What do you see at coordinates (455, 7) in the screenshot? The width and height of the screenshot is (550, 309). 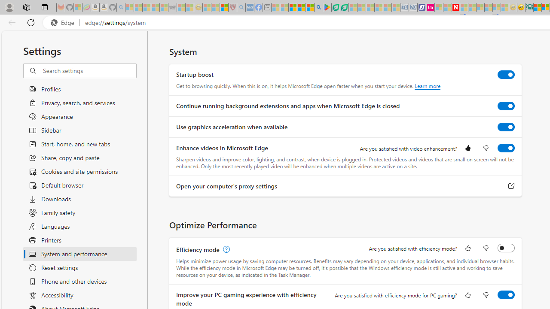 I see `'Latest Politics News & Archive | Newsweek.com'` at bounding box center [455, 7].